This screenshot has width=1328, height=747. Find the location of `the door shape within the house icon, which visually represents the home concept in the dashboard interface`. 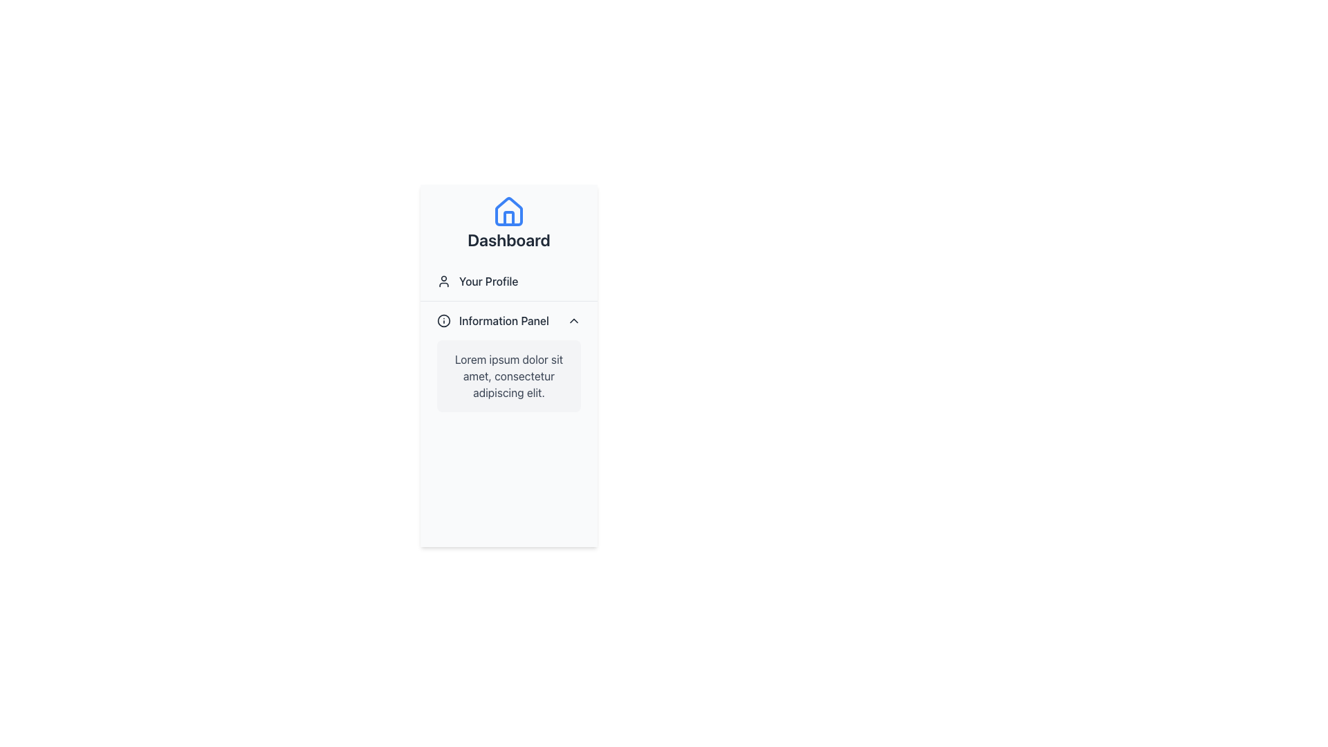

the door shape within the house icon, which visually represents the home concept in the dashboard interface is located at coordinates (508, 218).